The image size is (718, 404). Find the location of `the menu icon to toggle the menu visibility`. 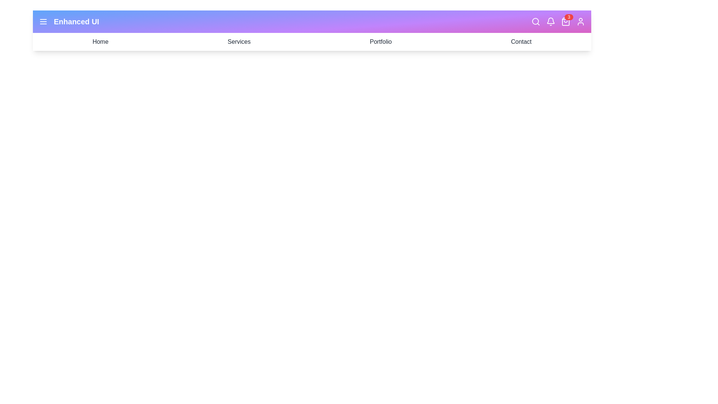

the menu icon to toggle the menu visibility is located at coordinates (43, 21).